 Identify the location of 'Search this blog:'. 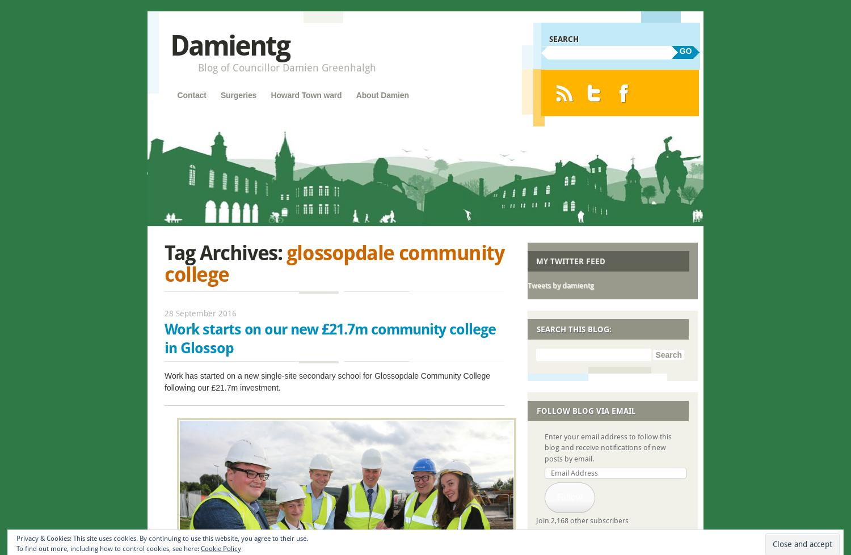
(574, 328).